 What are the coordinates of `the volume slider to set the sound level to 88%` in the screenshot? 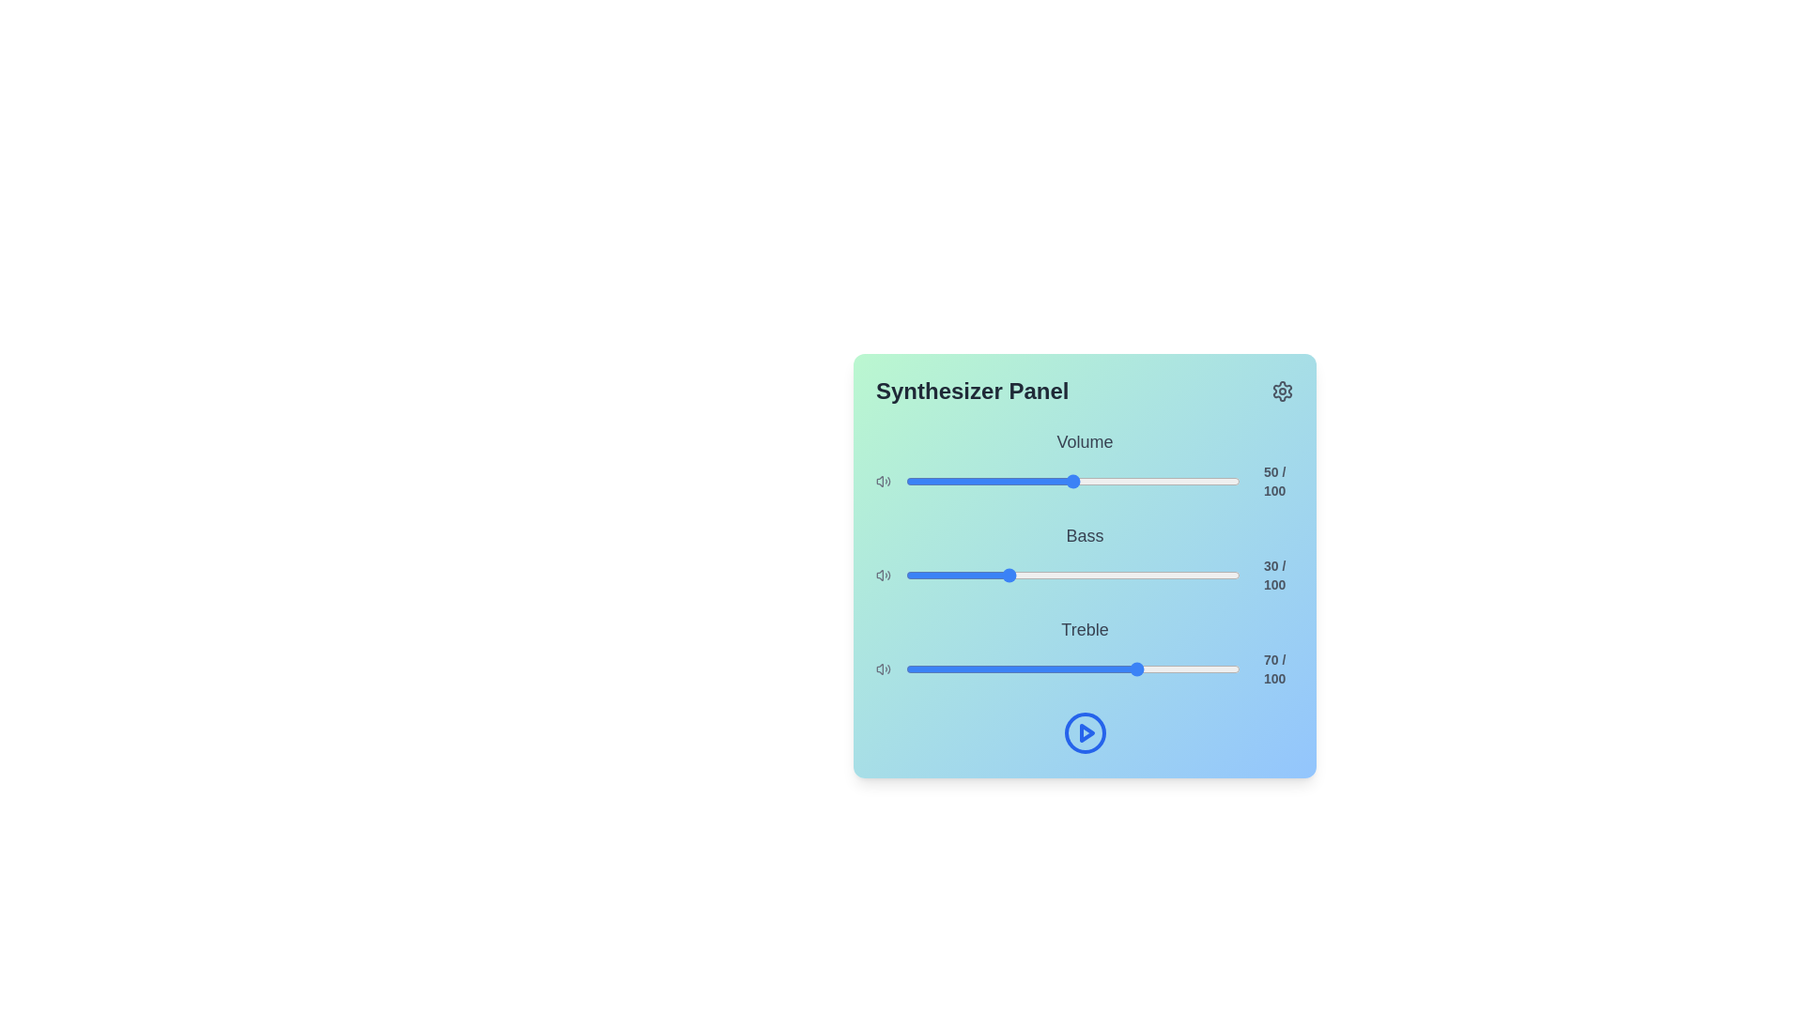 It's located at (1199, 481).